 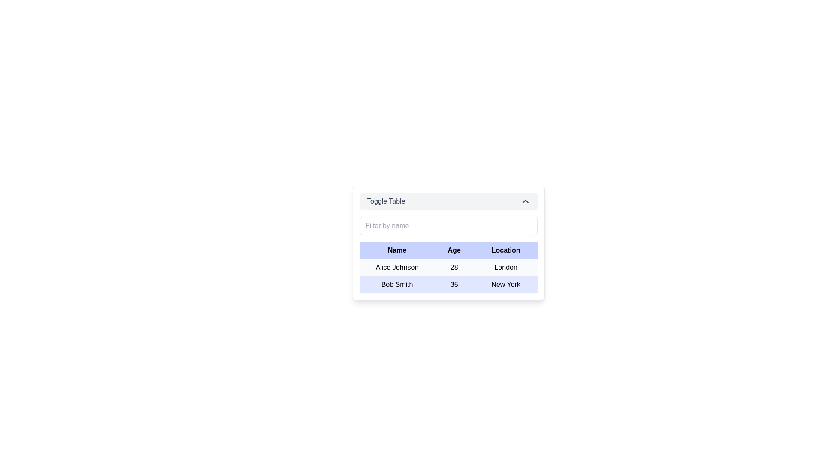 I want to click on second row of the table displaying user information for 'Bob Smith', which includes their age and location, so click(x=448, y=284).